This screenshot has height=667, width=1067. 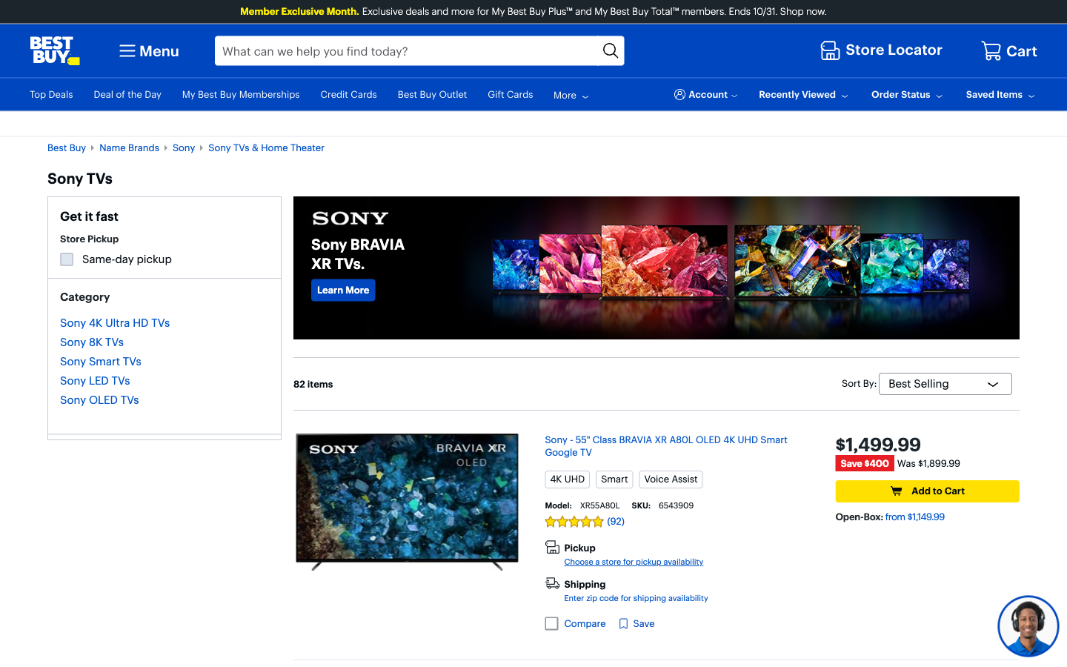 I want to click on the first item in the recently viewed drop down menu, so click(x=804, y=94).